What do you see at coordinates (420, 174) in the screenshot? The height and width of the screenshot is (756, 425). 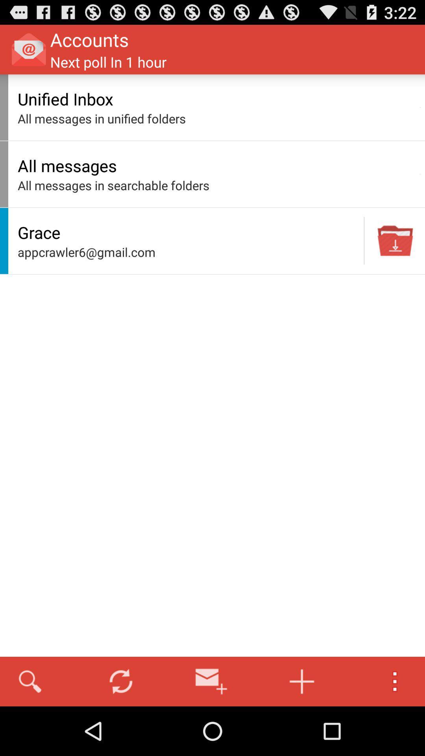 I see `app above the all messages in icon` at bounding box center [420, 174].